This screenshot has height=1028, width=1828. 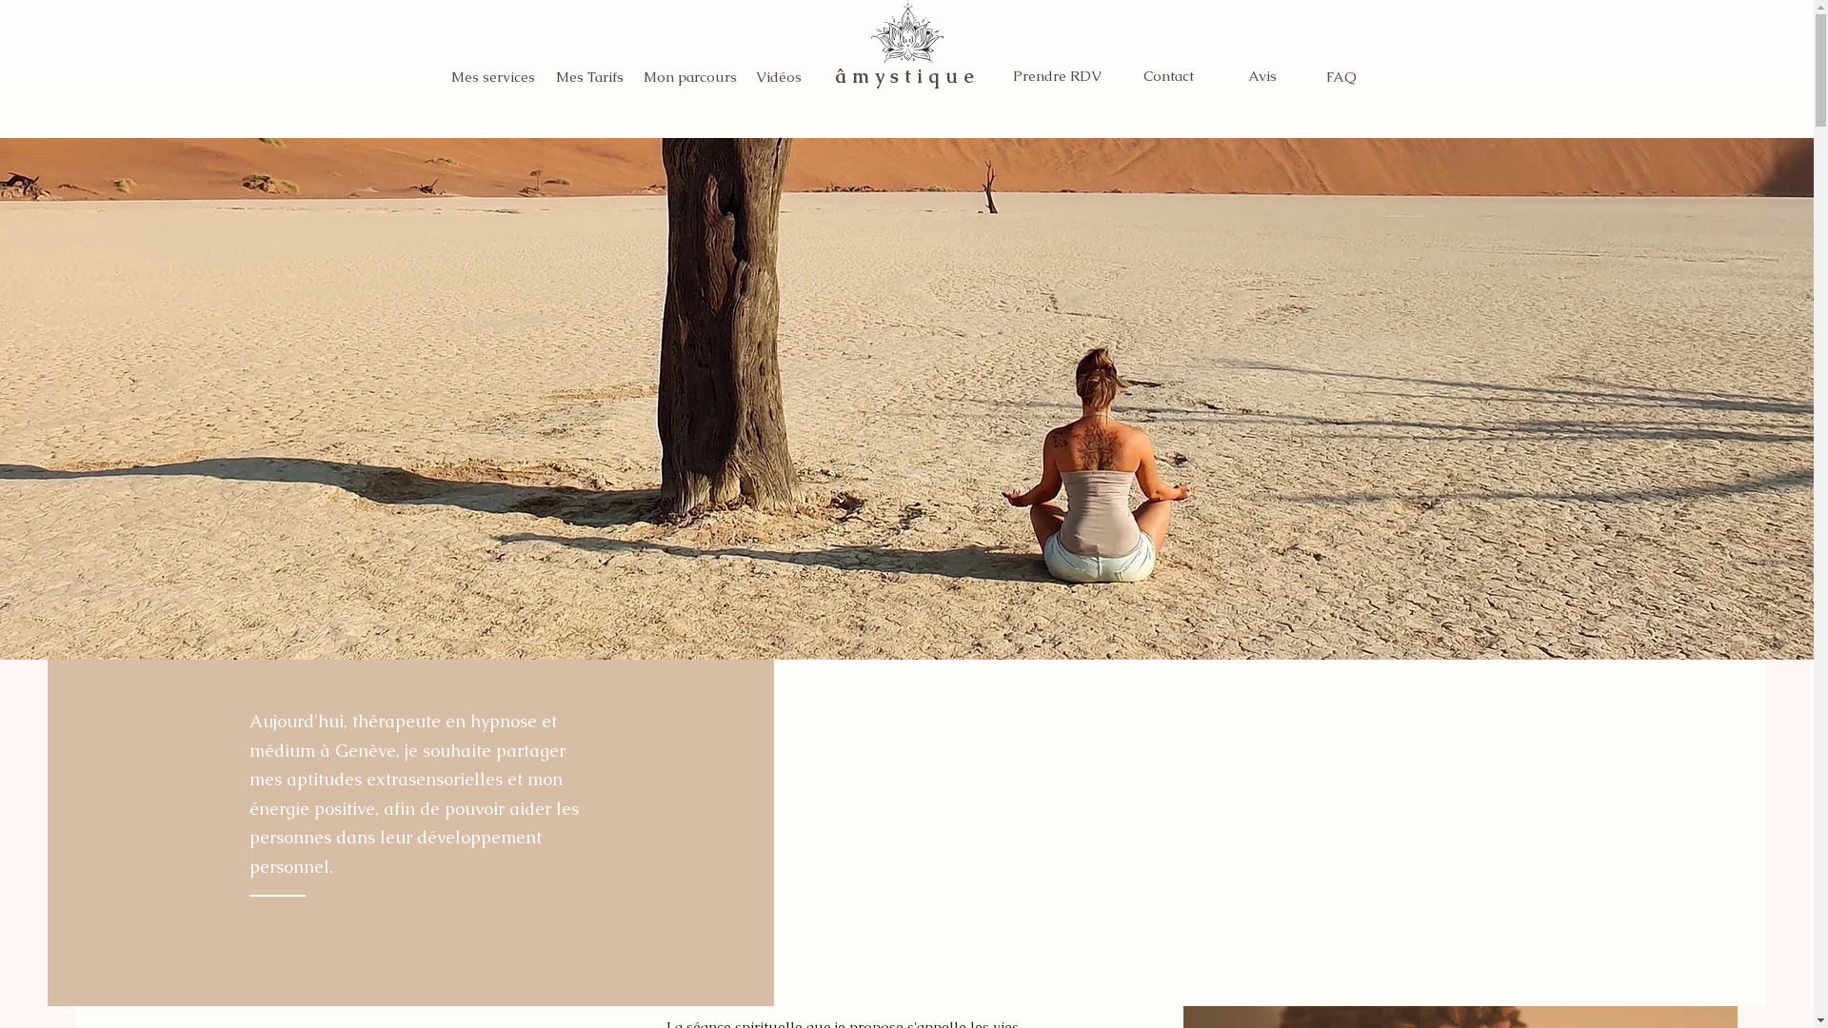 I want to click on 'FAQ', so click(x=1341, y=75).